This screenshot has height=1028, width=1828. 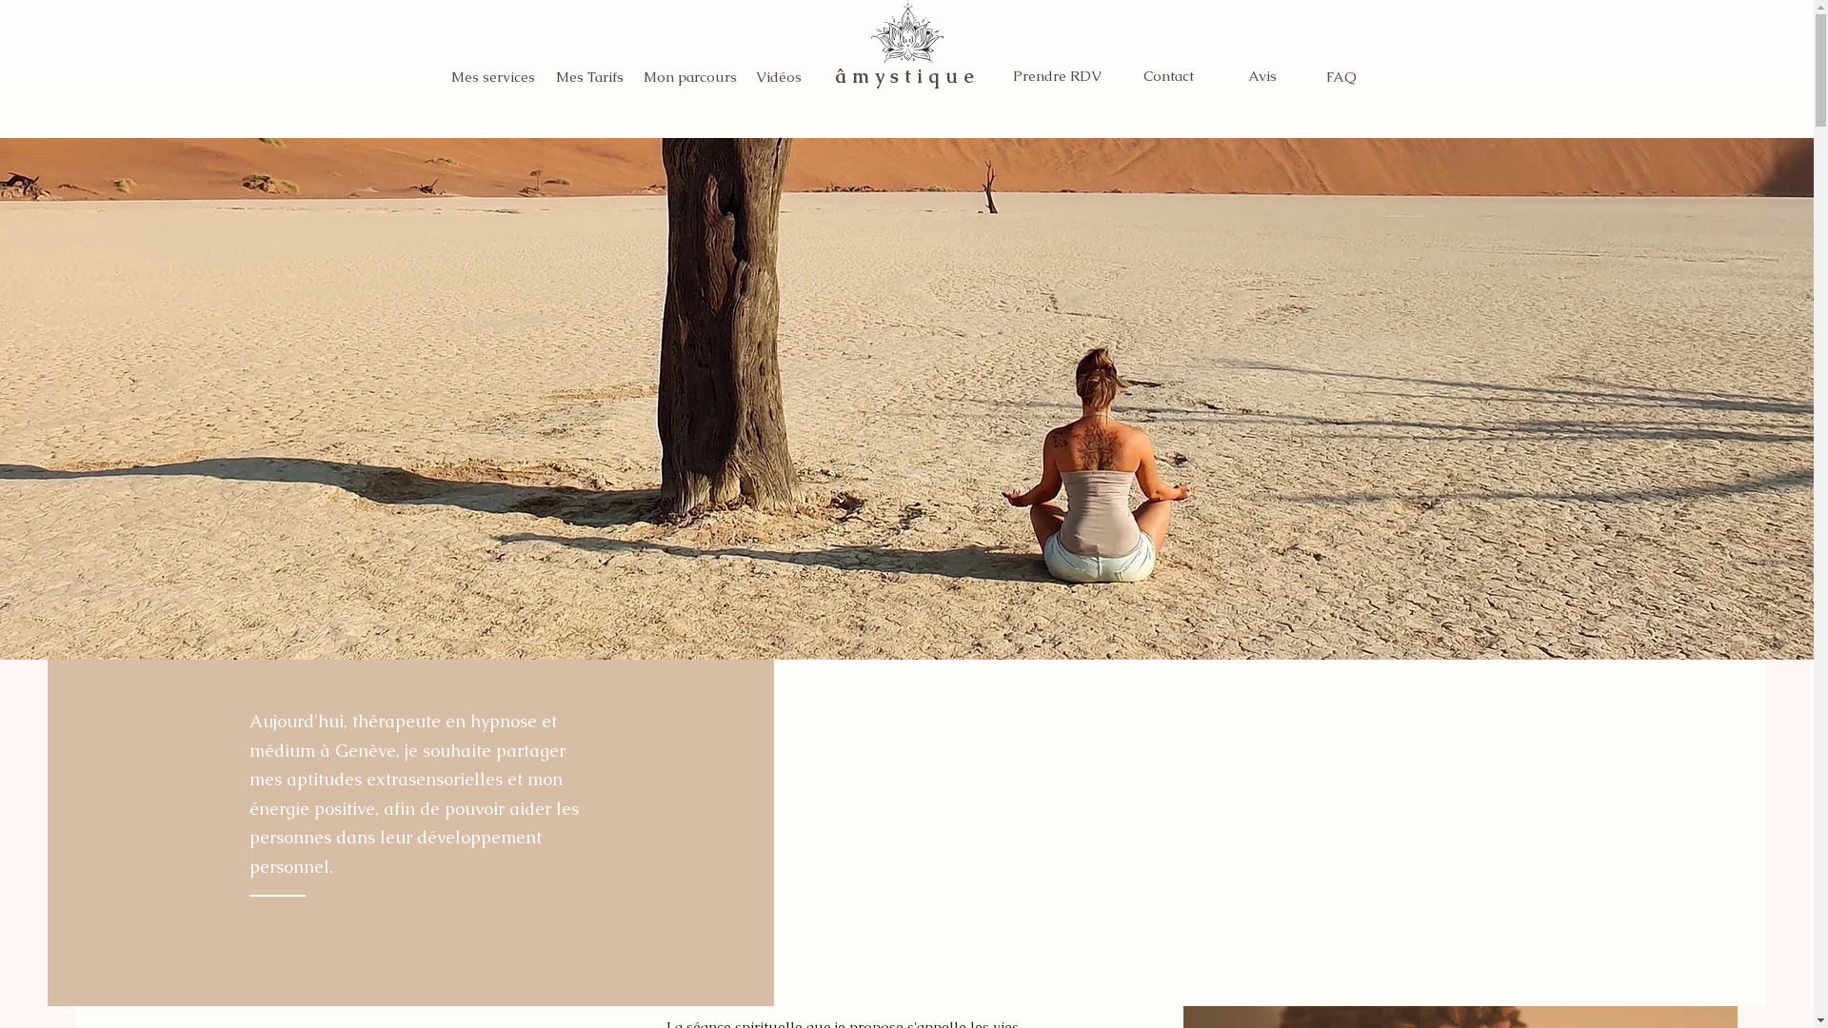 I want to click on 'FAQ', so click(x=1341, y=75).